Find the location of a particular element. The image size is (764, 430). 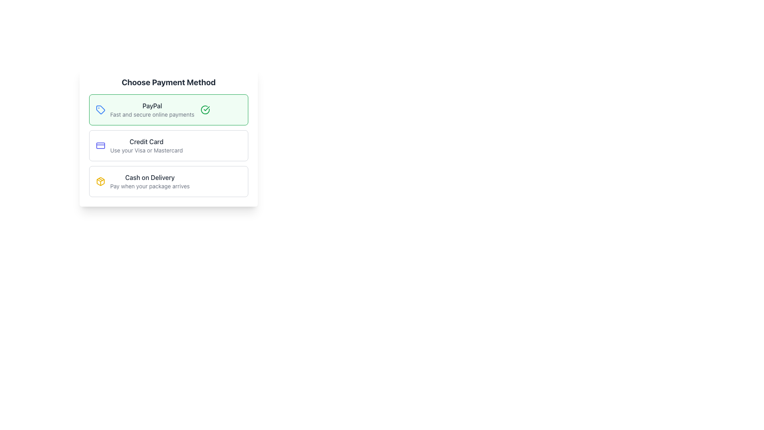

the selectable payment method option for credit card payment, which is the second item in the vertical list of payment methods, located between 'PayPal' and 'Cash on Delivery' is located at coordinates (139, 146).